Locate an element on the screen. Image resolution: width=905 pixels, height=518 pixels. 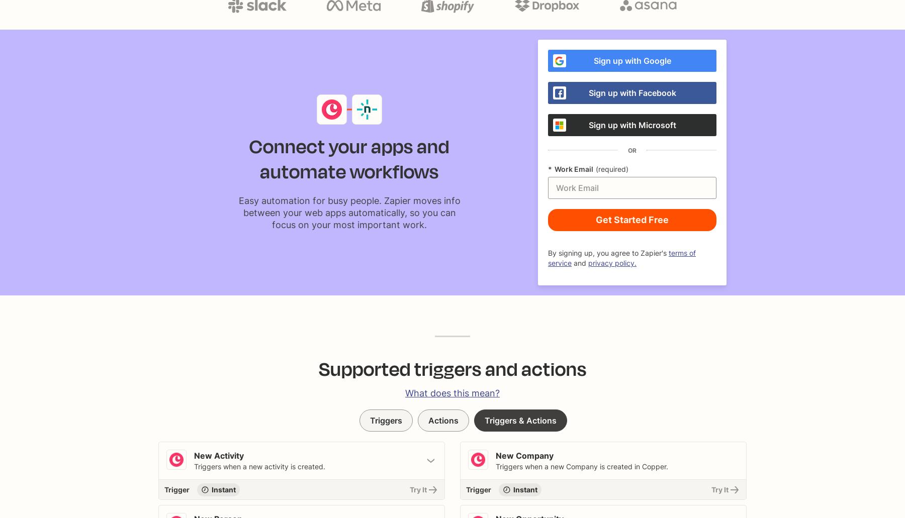
'Supported triggers and actions' is located at coordinates (318, 369).